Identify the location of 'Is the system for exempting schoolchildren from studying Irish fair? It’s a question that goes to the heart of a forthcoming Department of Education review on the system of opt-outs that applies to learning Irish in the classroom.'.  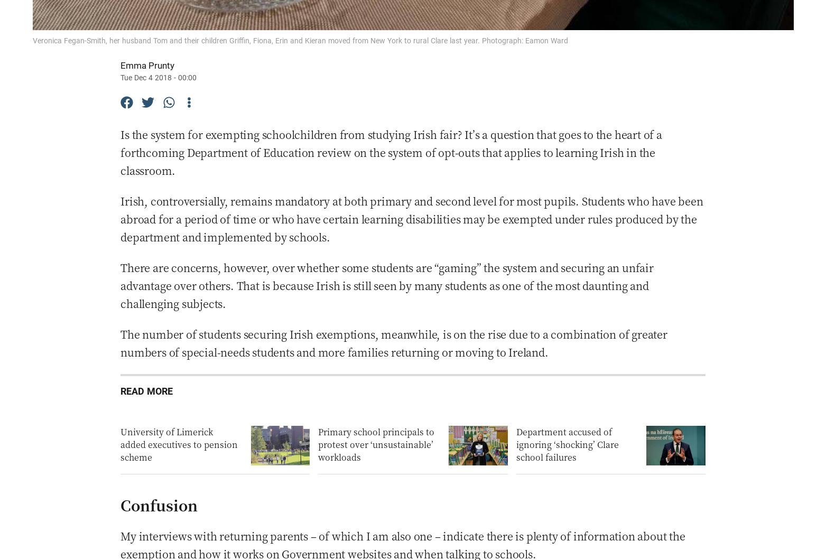
(391, 152).